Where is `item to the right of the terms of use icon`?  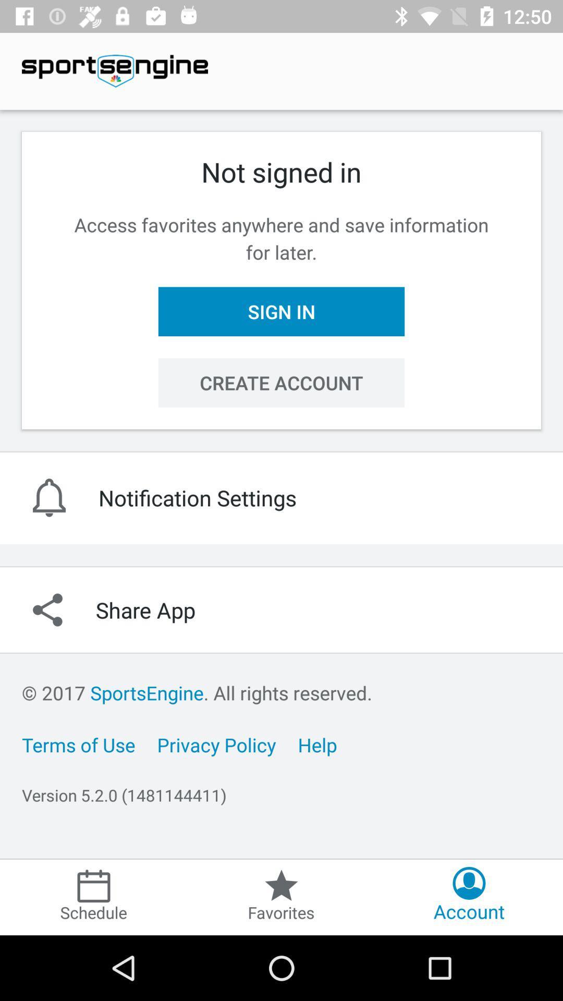
item to the right of the terms of use icon is located at coordinates (216, 744).